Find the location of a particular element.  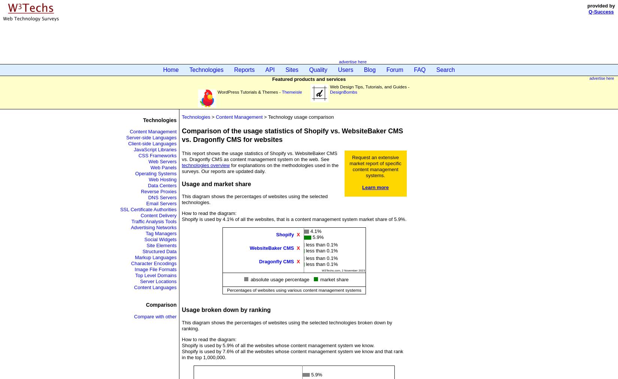

'Shopify is used by 7.6% of all the websites whose content management system we know and that rank in the top 1,000,000.' is located at coordinates (292, 354).